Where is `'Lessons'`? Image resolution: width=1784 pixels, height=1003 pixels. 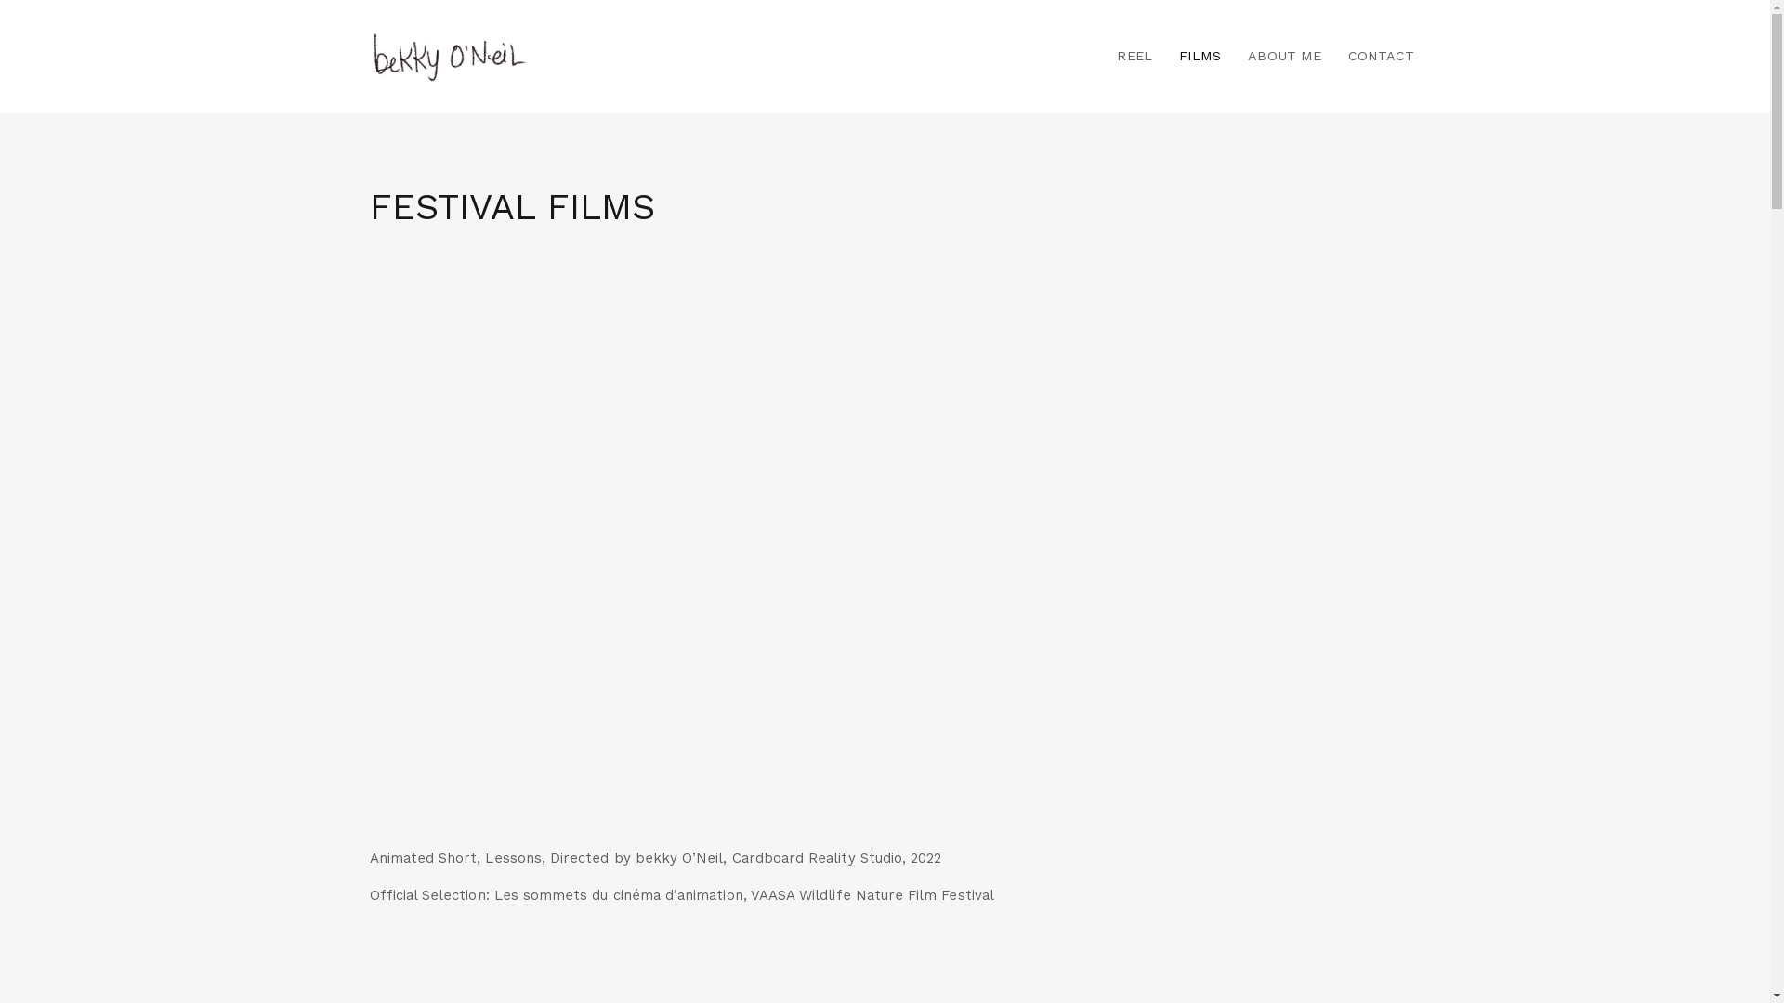
'Lessons' is located at coordinates (885, 548).